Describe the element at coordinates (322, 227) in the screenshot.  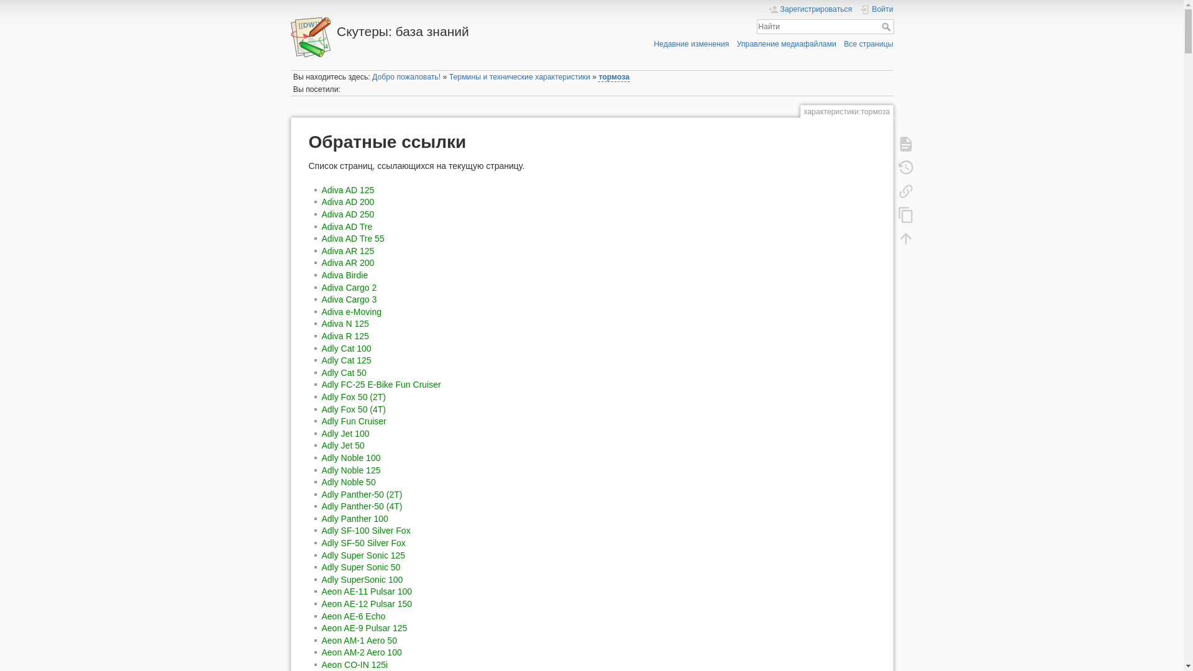
I see `'Adiva AD Tre'` at that location.